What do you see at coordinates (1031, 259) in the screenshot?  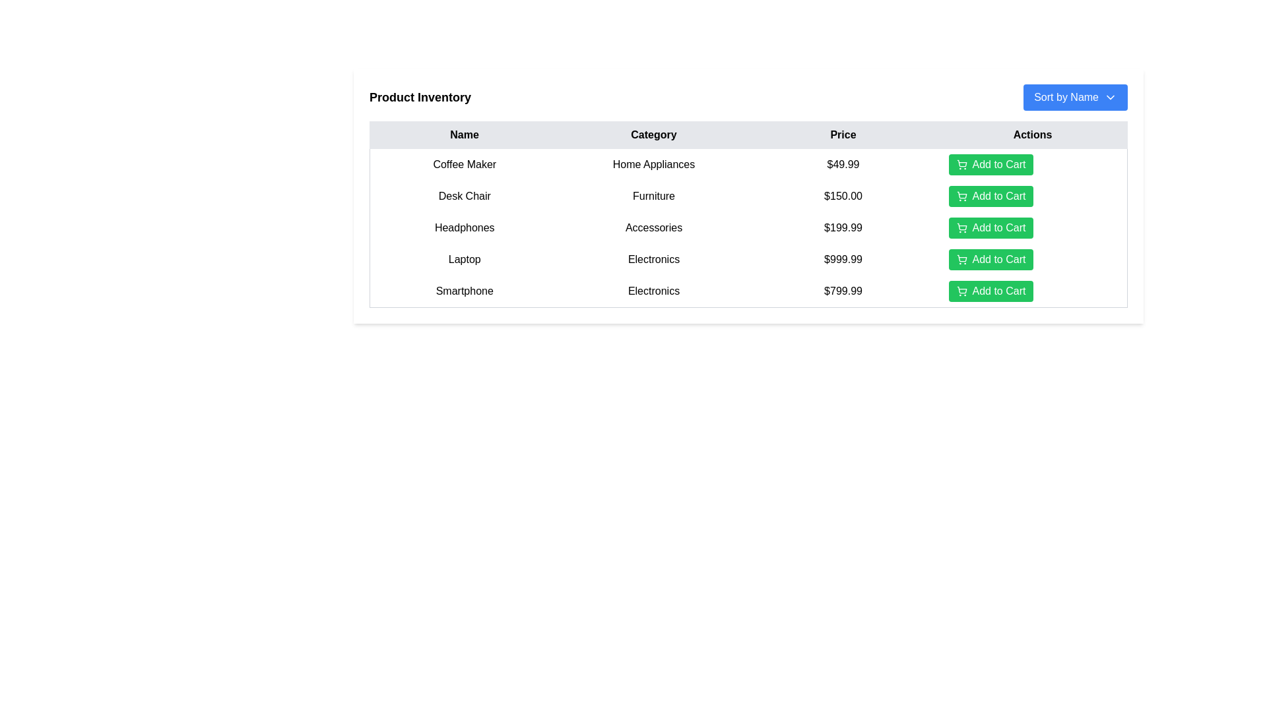 I see `the green rectangular 'Add to Cart' button in the 'Actions' column for the product 'Laptop' in the 'Product Inventory' table` at bounding box center [1031, 259].